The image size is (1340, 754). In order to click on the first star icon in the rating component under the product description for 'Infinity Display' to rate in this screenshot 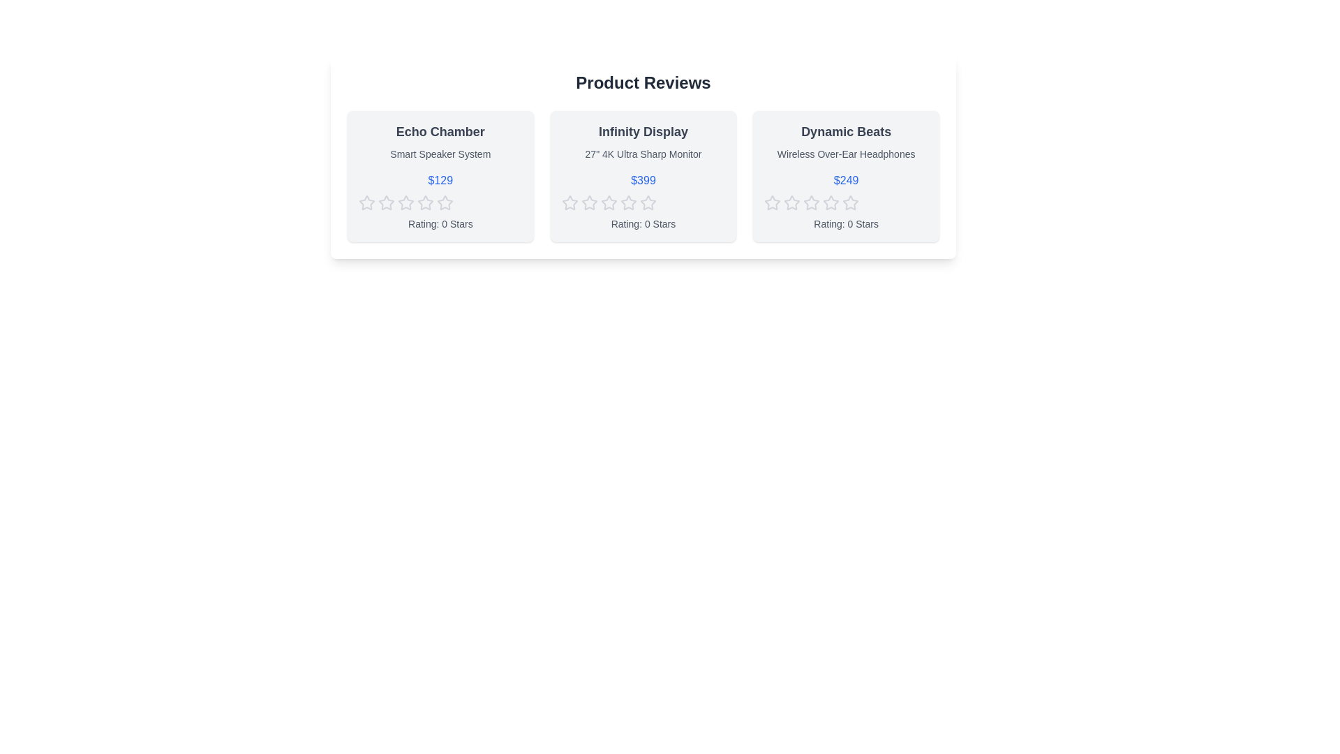, I will do `click(569, 202)`.